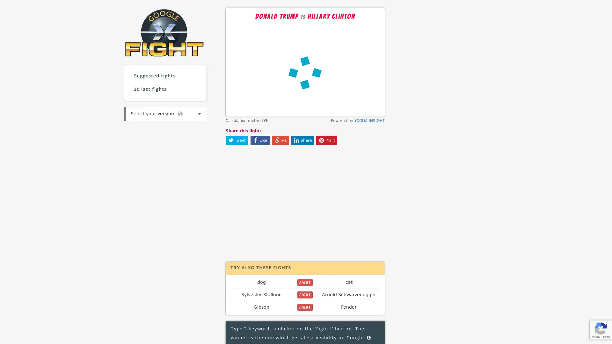 This screenshot has height=344, width=612. What do you see at coordinates (304, 307) in the screenshot?
I see `FIGHT` at bounding box center [304, 307].